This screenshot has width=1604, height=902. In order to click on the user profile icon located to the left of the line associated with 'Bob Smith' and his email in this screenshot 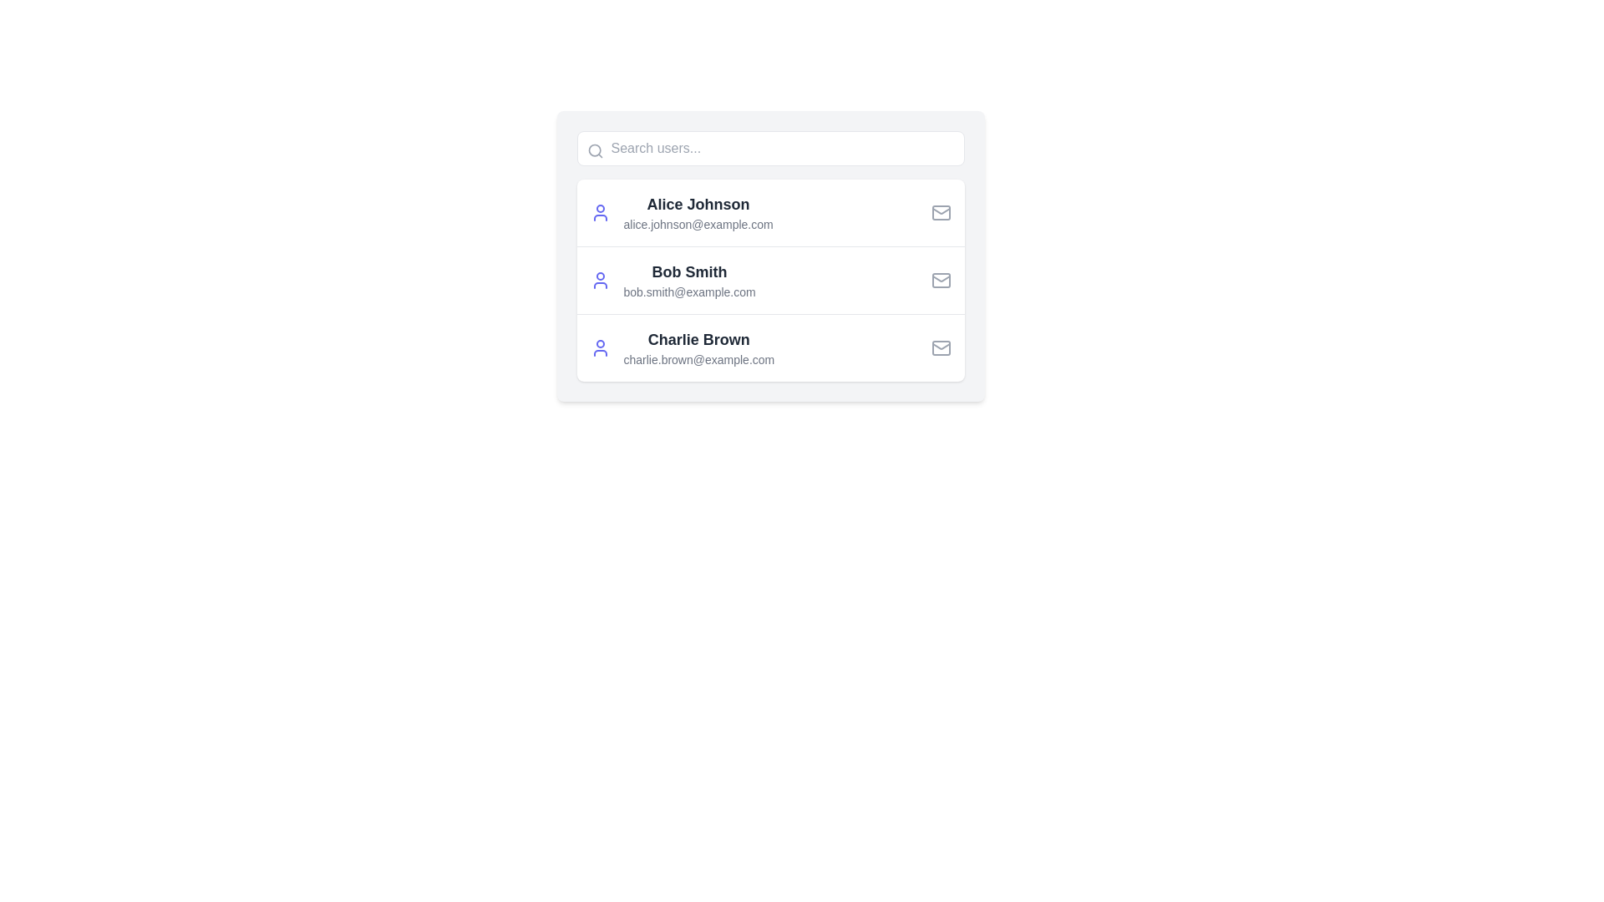, I will do `click(600, 279)`.